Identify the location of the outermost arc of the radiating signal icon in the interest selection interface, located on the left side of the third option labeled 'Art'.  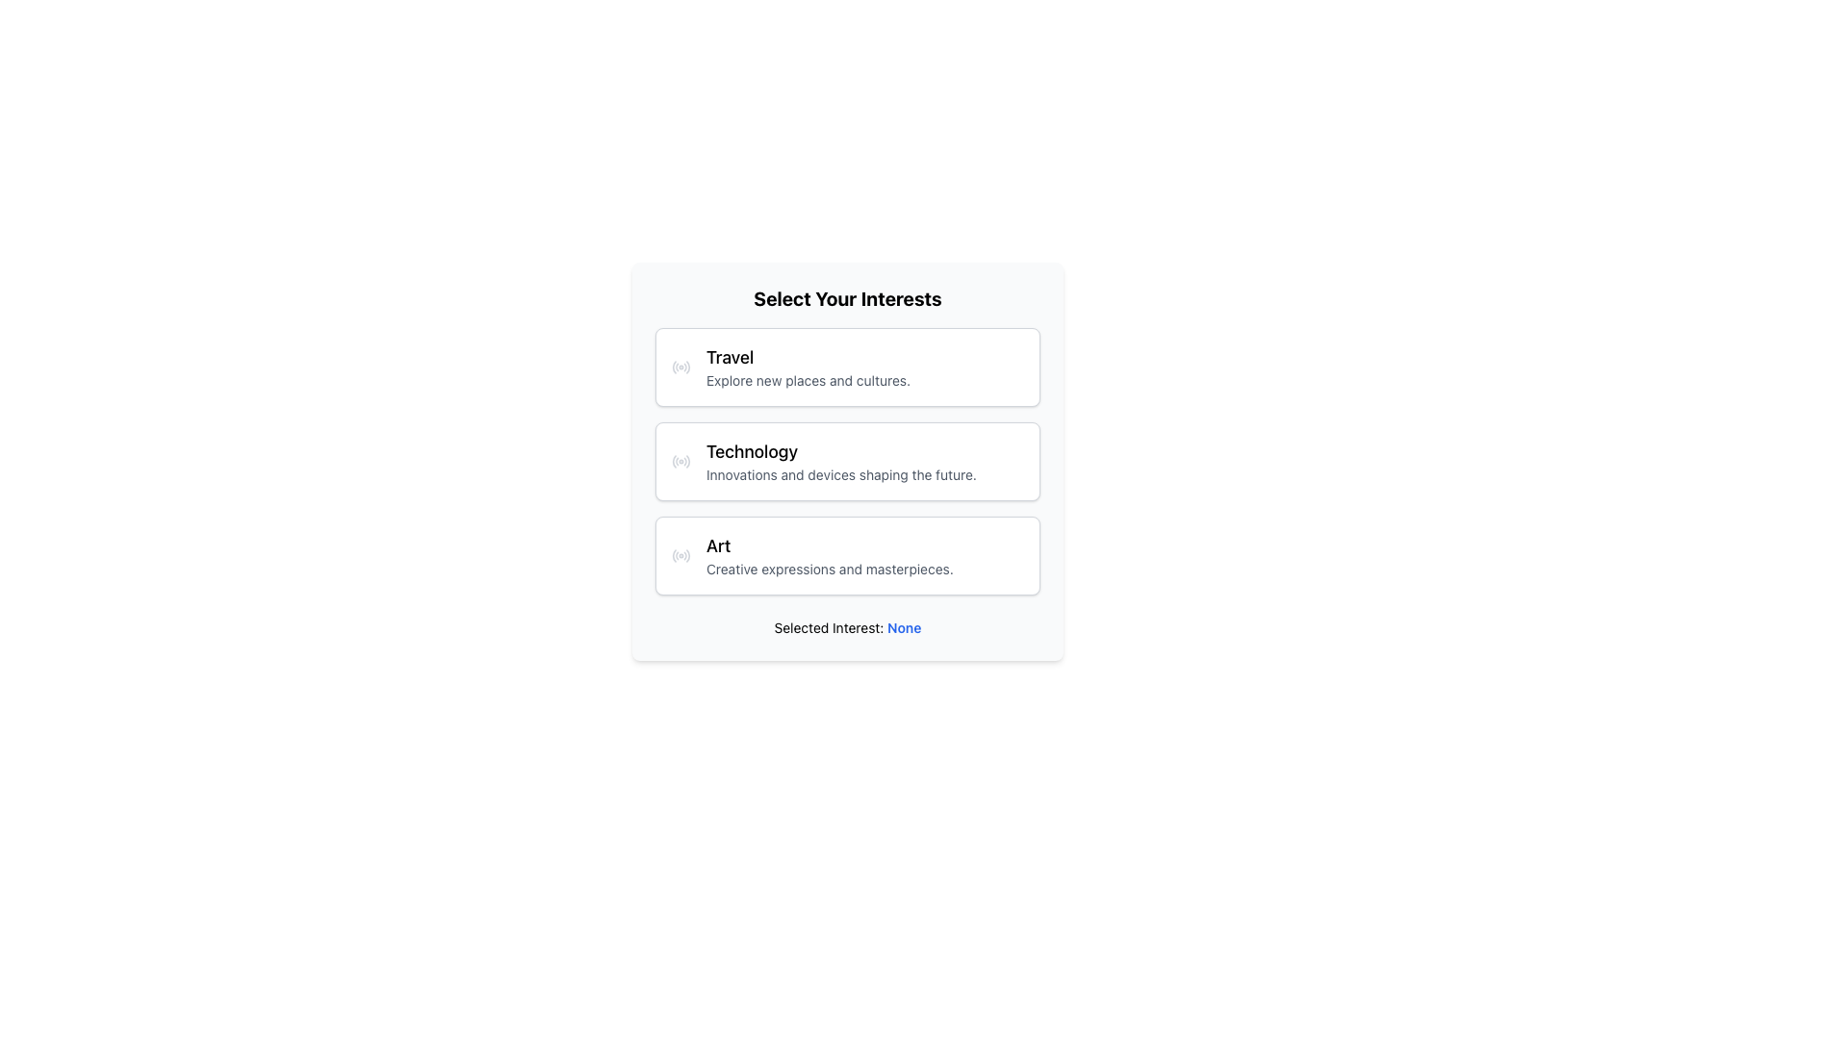
(674, 556).